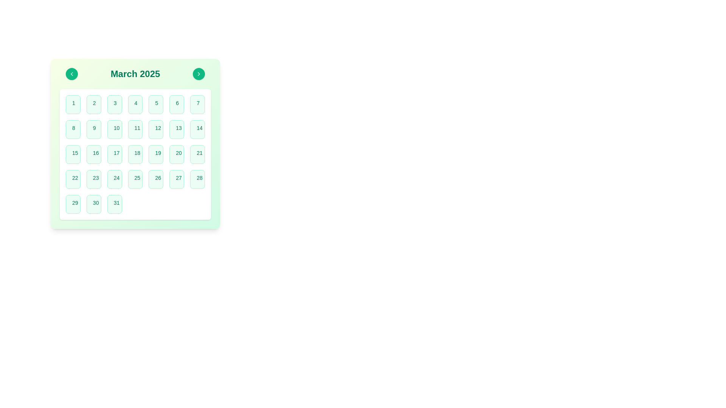 This screenshot has height=408, width=726. Describe the element at coordinates (93, 105) in the screenshot. I see `the calendar date card representing the date 2 in March 2025` at that location.